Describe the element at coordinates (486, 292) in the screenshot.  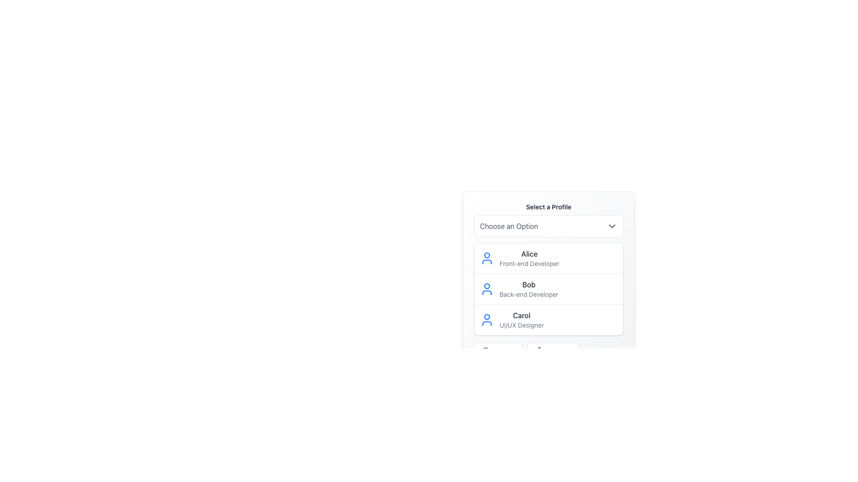
I see `the graphical icon component that represents Bob's role as a Back-end Developer, located to the left of his name in the user profile cluster` at that location.